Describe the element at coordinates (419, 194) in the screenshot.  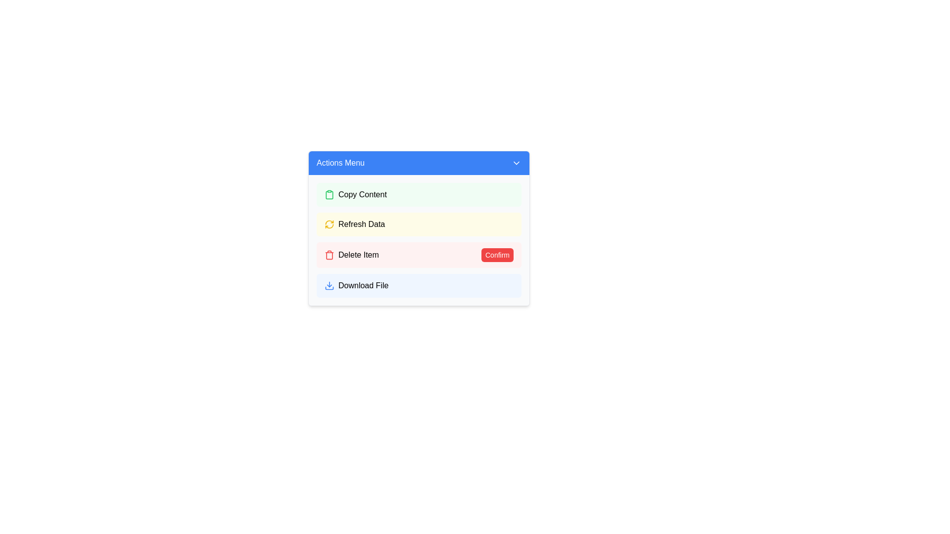
I see `the 'Copy' button located in the 'Actions Menu', which is the topmost item in a vertical stack of buttons` at that location.